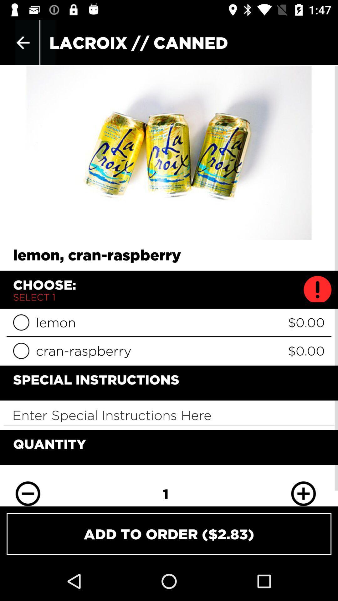  I want to click on an option, so click(21, 351).